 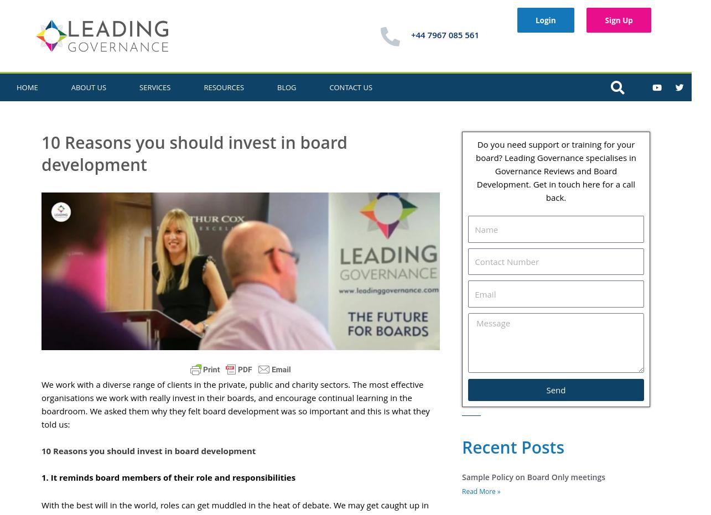 What do you see at coordinates (223, 86) in the screenshot?
I see `'Resources'` at bounding box center [223, 86].